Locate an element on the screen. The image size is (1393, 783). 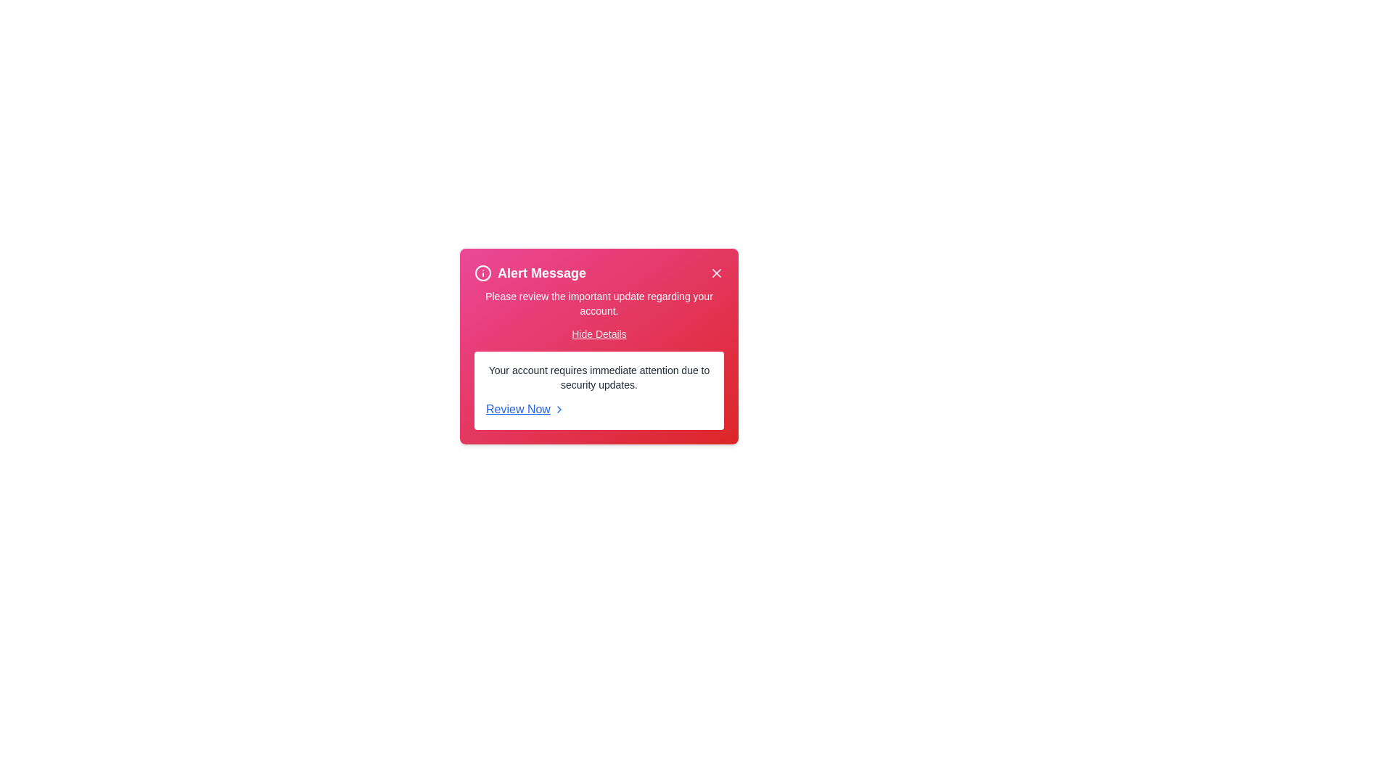
the 'Hide Details' button to toggle the visibility of extra details is located at coordinates (599, 334).